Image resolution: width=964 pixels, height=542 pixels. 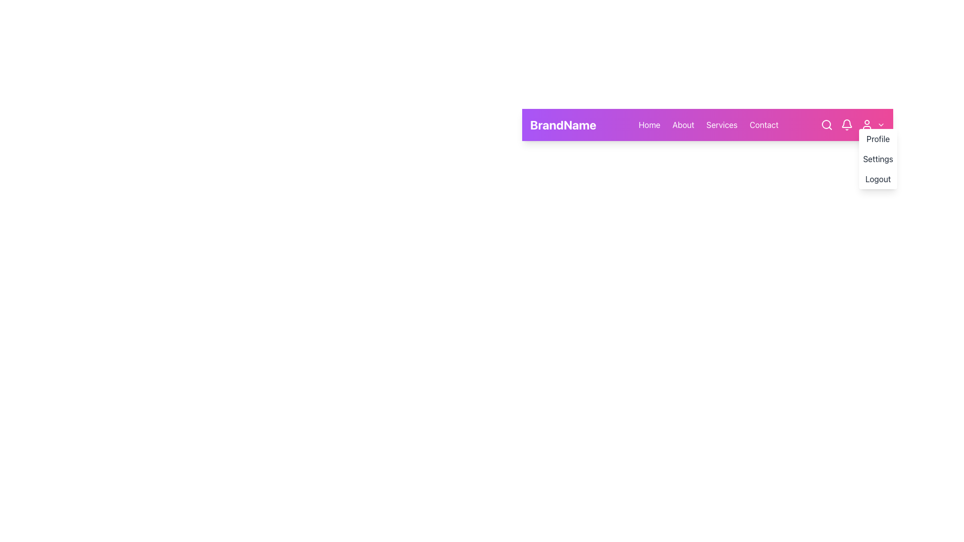 What do you see at coordinates (649, 124) in the screenshot?
I see `the 'Home' hyperlink, which is styled with white text on a purple gradient background and is the first item in a horizontal list of navigation links` at bounding box center [649, 124].